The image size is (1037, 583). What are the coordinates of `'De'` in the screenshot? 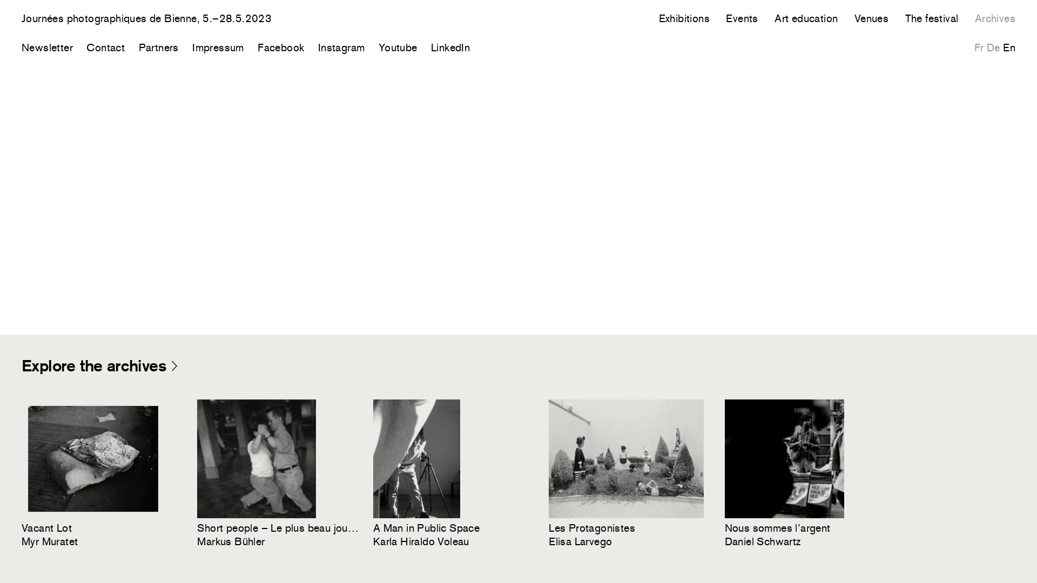 It's located at (987, 47).